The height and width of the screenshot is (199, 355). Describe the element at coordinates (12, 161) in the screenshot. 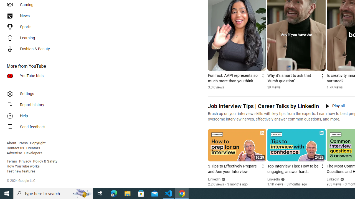

I see `'Terms'` at that location.